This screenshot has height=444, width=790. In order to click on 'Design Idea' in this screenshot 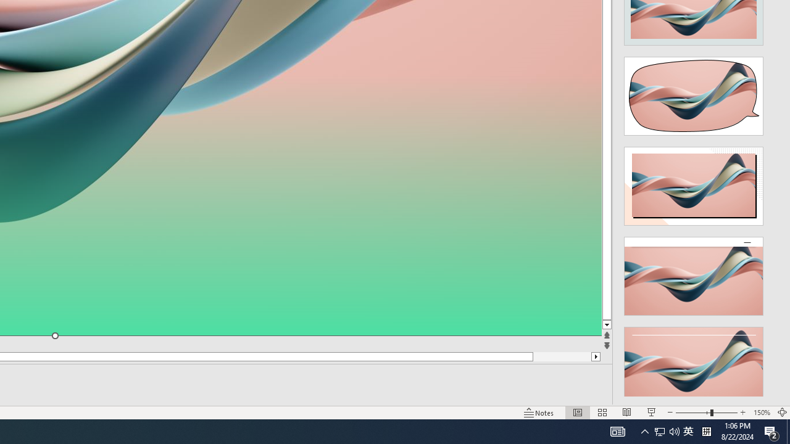, I will do `click(694, 361)`.